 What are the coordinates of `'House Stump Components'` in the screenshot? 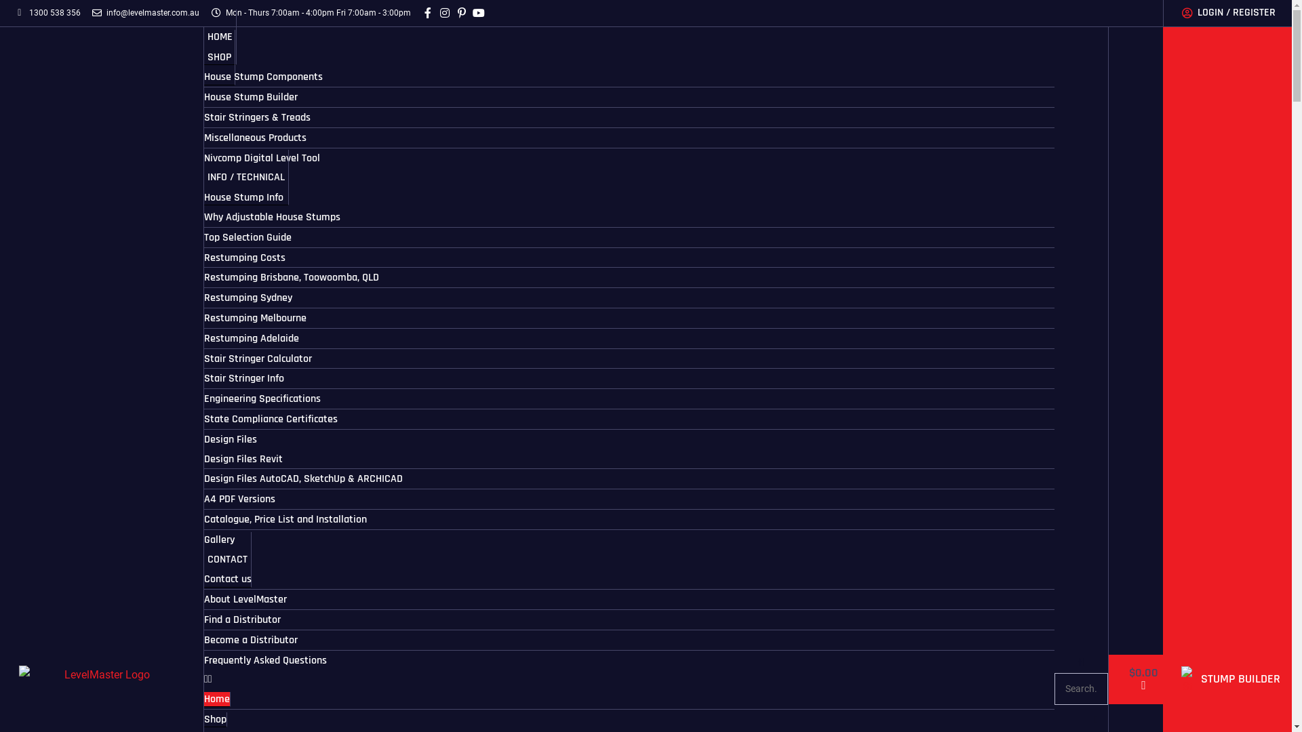 It's located at (263, 77).